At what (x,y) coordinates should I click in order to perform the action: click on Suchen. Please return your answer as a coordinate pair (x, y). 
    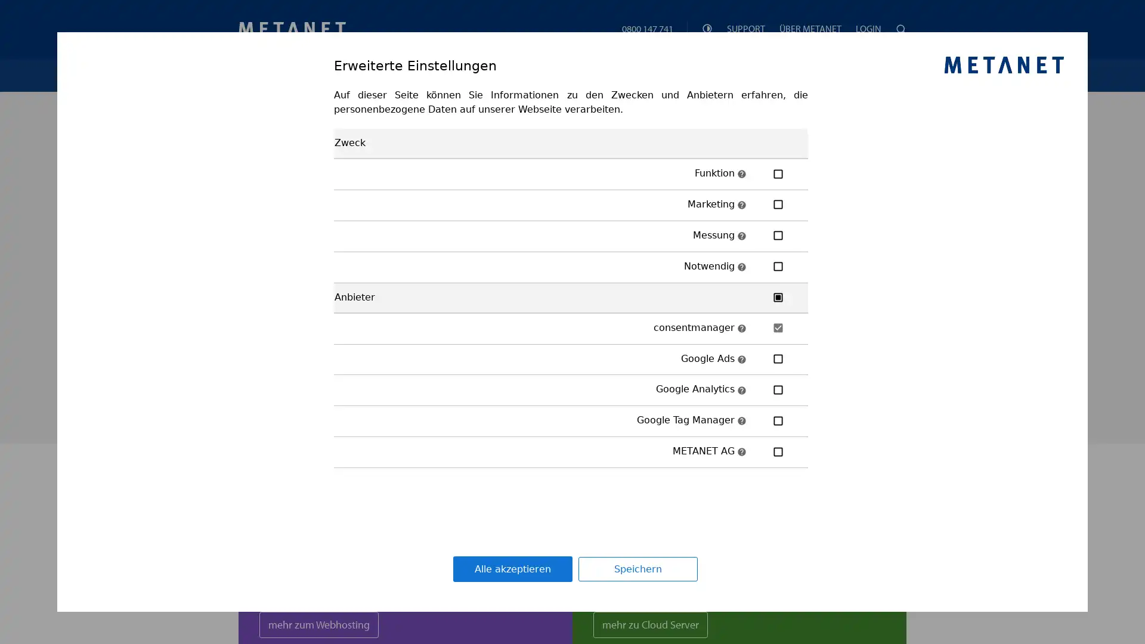
    Looking at the image, I should click on (901, 27).